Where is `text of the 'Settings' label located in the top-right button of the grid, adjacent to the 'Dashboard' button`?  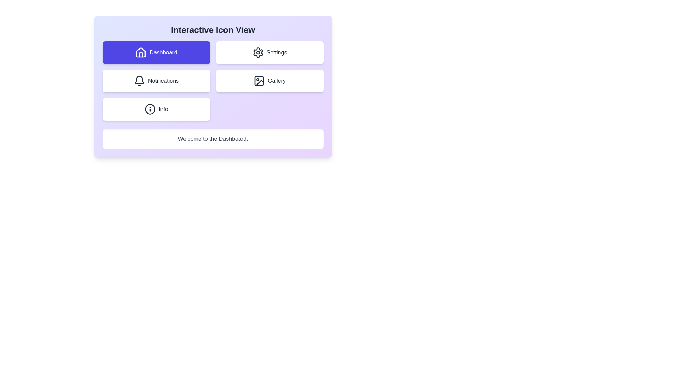
text of the 'Settings' label located in the top-right button of the grid, adjacent to the 'Dashboard' button is located at coordinates (276, 52).